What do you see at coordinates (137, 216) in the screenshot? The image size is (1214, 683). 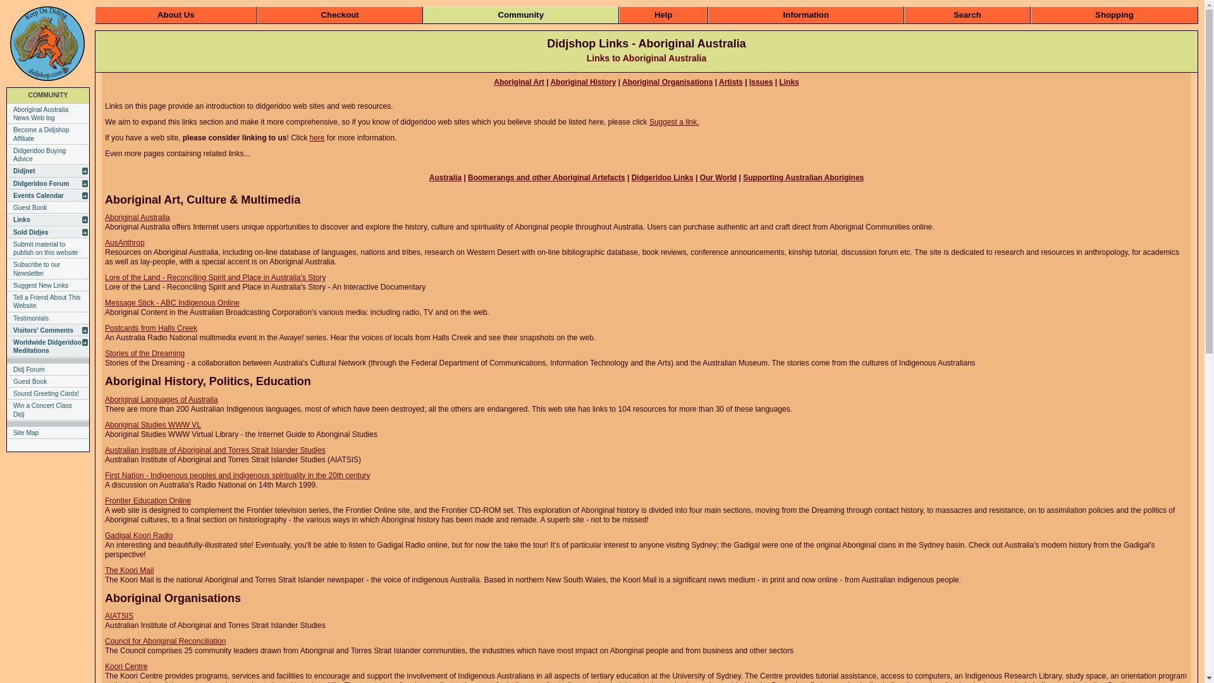 I see `'Aboriginal Australia'` at bounding box center [137, 216].